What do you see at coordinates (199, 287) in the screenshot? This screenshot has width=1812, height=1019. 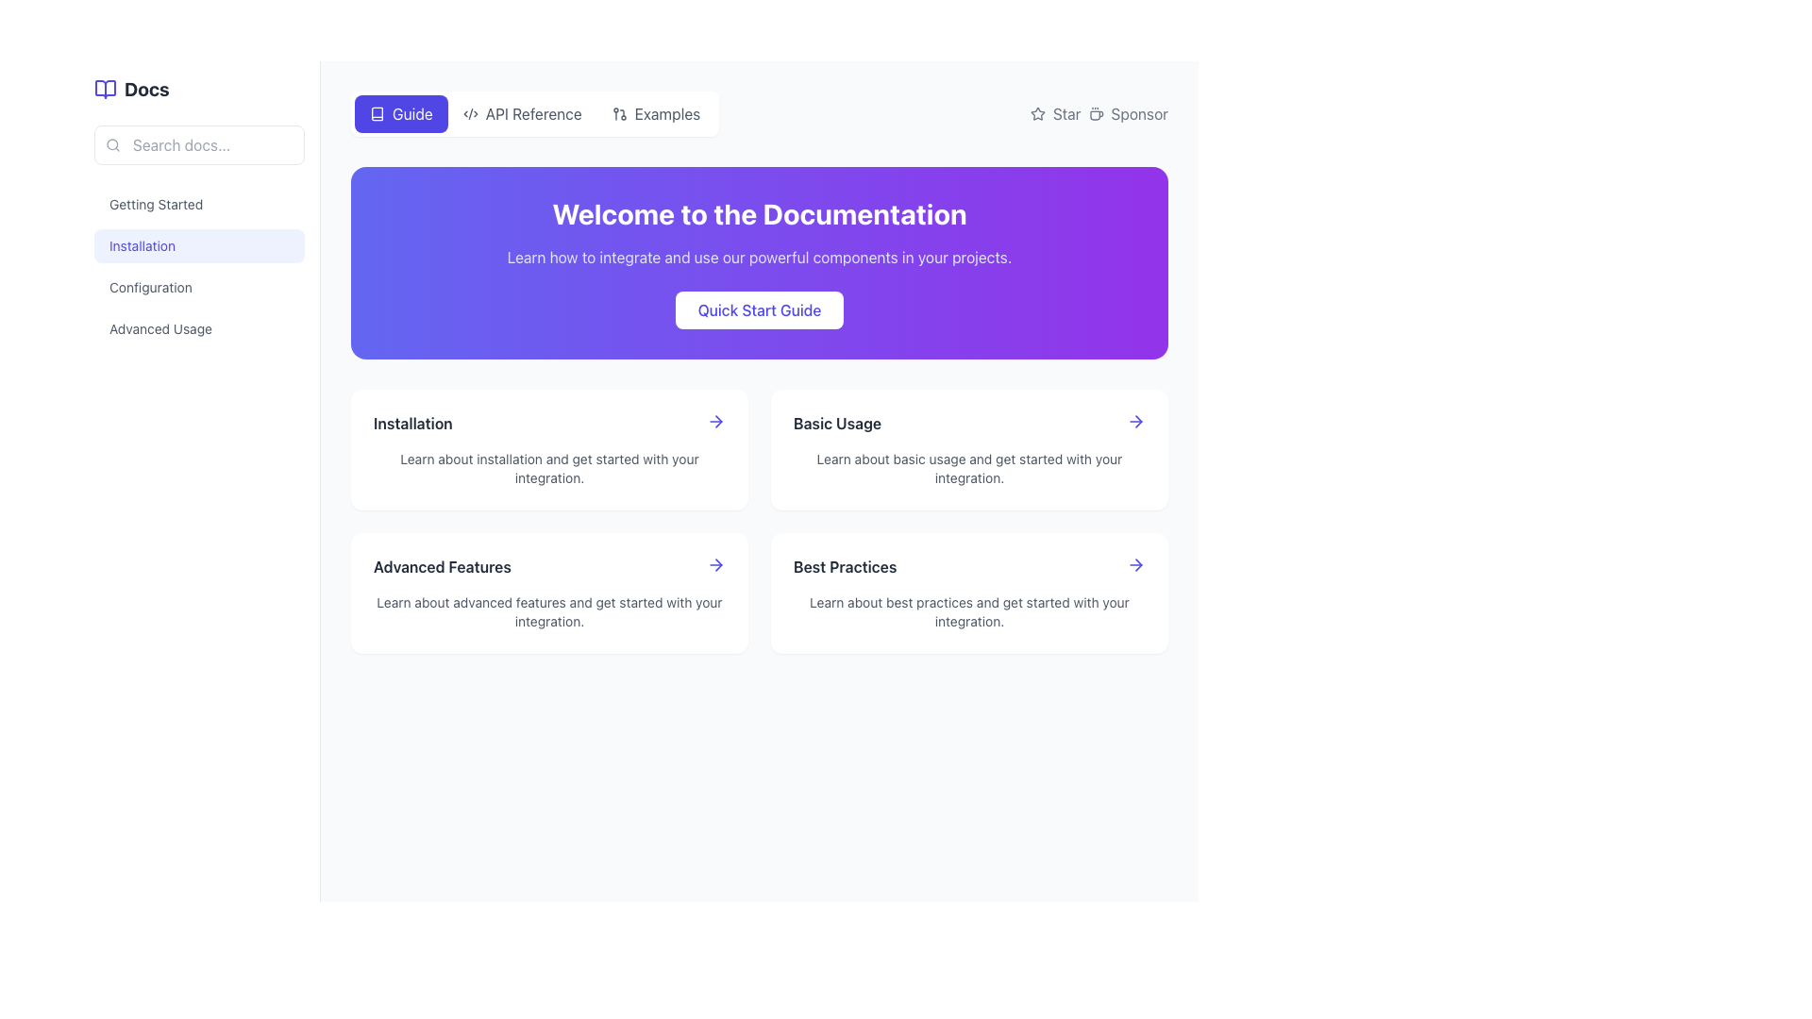 I see `the 'Configuration' button located in the left sidebar, which is the third item in the vertical list` at bounding box center [199, 287].